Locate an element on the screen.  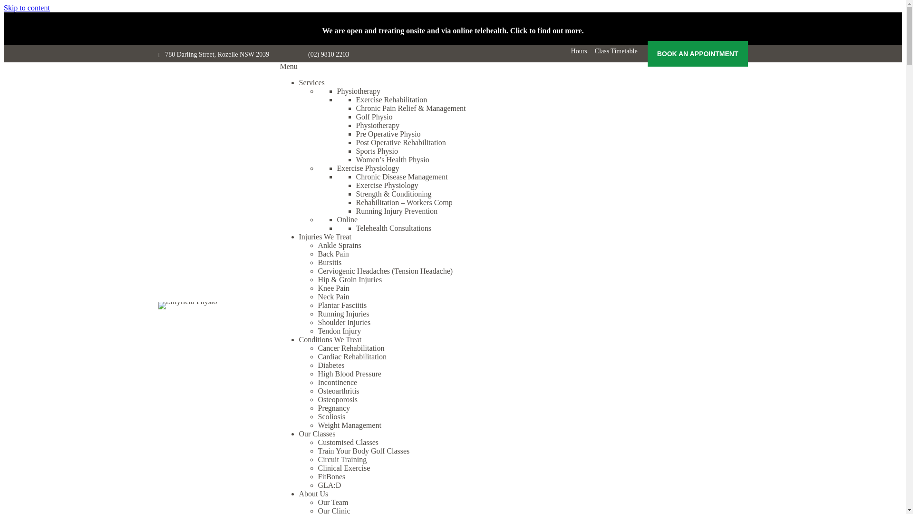
'780 Darling Street, Rozelle NSW 2039' is located at coordinates (216, 55).